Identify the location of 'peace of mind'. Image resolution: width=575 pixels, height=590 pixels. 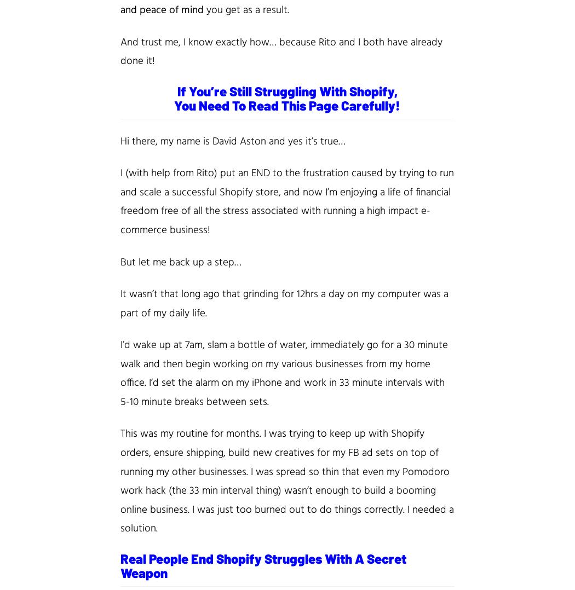
(173, 9).